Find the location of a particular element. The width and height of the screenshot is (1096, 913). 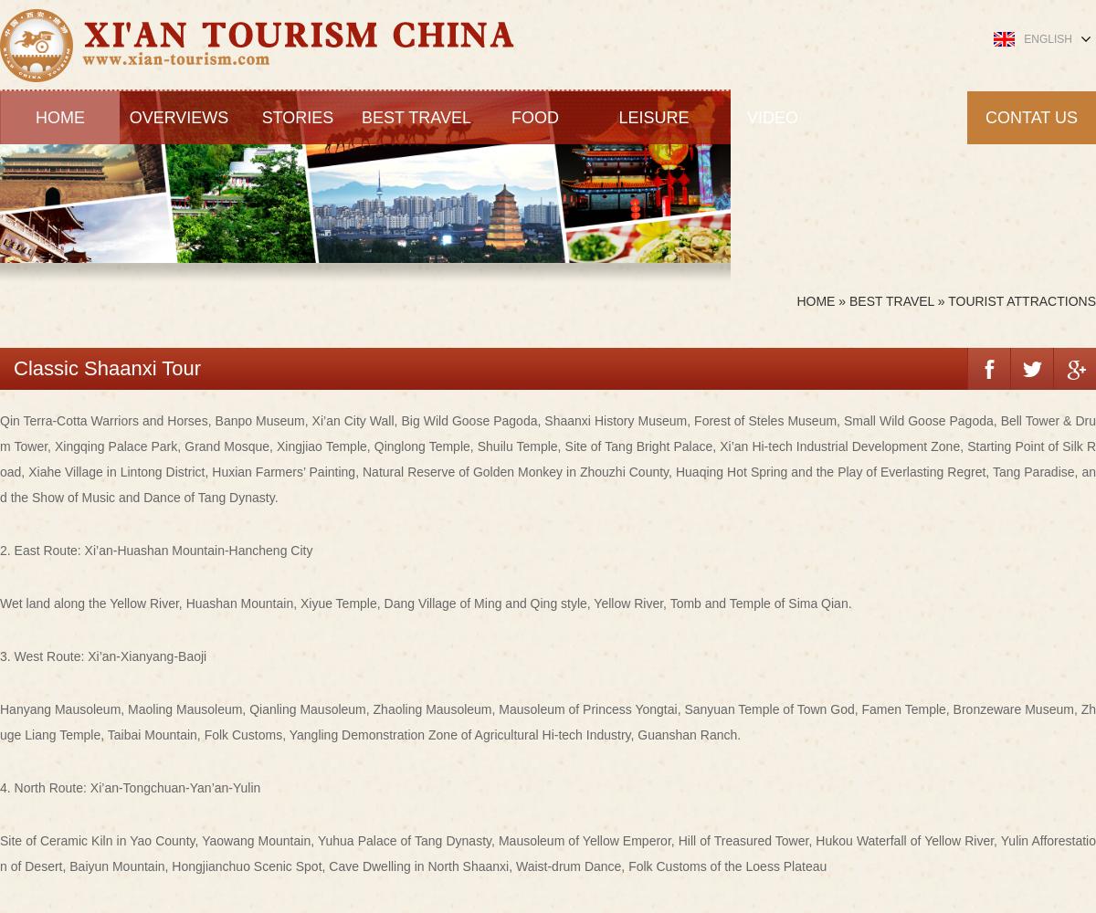

'Classic Shaanxi Tour' is located at coordinates (107, 367).